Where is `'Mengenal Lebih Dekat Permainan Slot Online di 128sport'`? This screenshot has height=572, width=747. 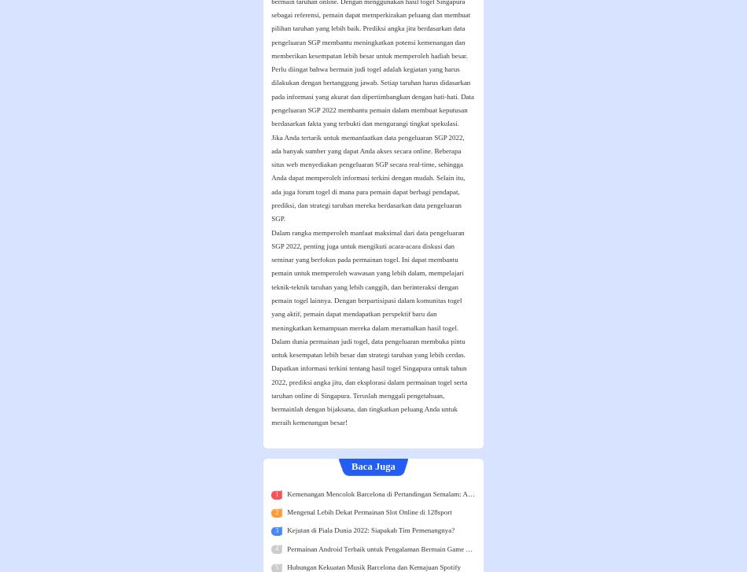 'Mengenal Lebih Dekat Permainan Slot Online di 128sport' is located at coordinates (368, 511).